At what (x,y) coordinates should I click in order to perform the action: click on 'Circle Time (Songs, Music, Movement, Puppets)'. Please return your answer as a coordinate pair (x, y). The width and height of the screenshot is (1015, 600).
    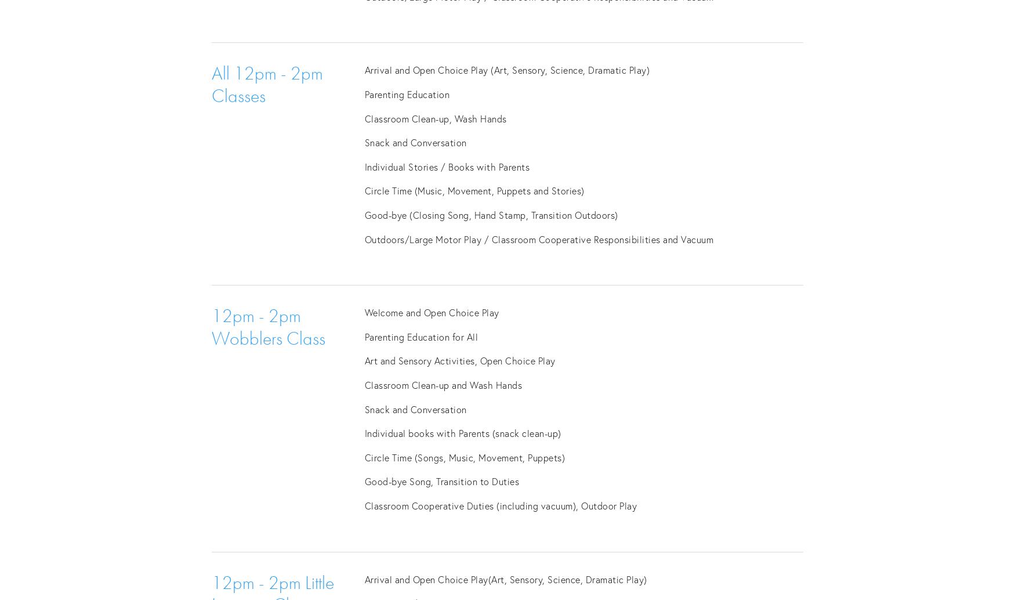
    Looking at the image, I should click on (465, 456).